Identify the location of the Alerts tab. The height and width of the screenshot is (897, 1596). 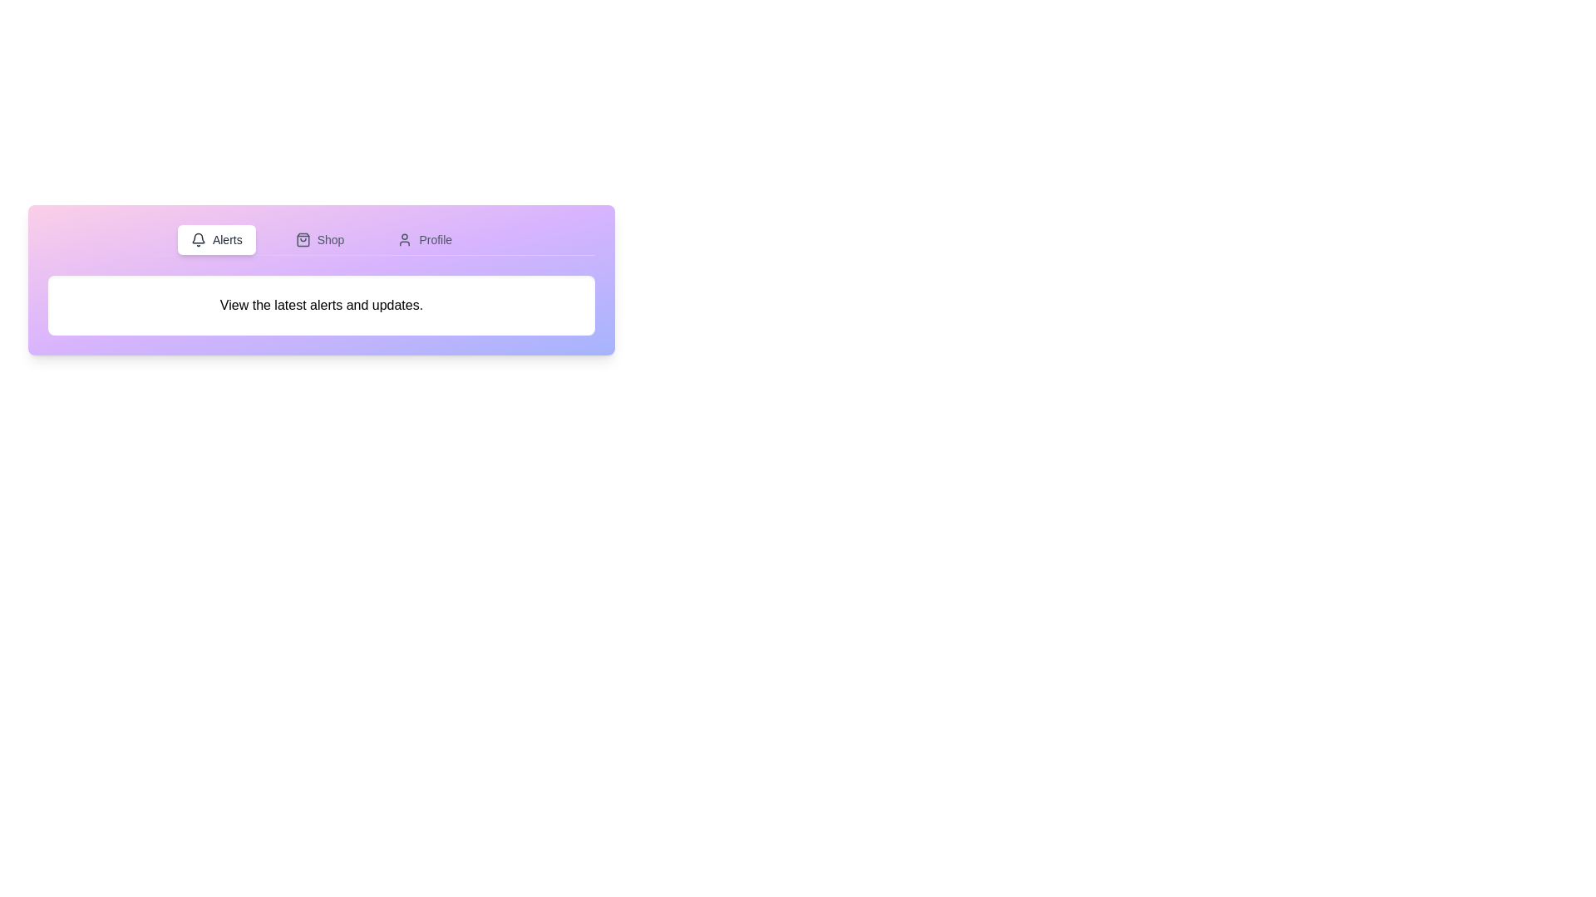
(214, 240).